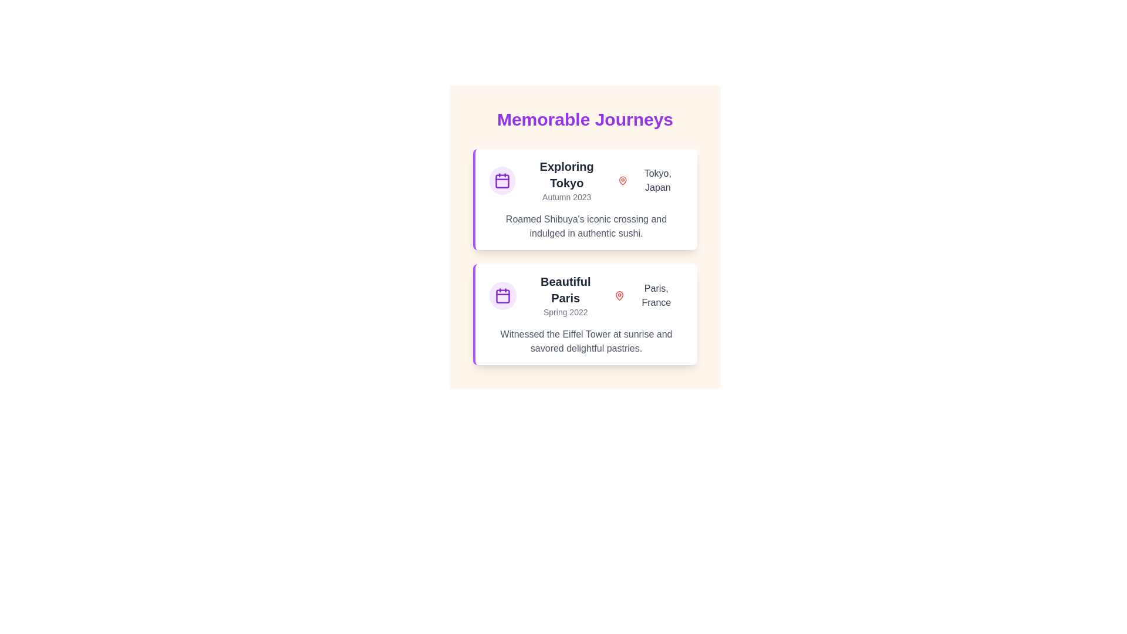 The image size is (1127, 634). Describe the element at coordinates (656, 295) in the screenshot. I see `text content of the label displaying 'Paris, France' which is located in the second card of the 'Memorable Journeys' list, aligned to the right and next to a red pin icon` at that location.